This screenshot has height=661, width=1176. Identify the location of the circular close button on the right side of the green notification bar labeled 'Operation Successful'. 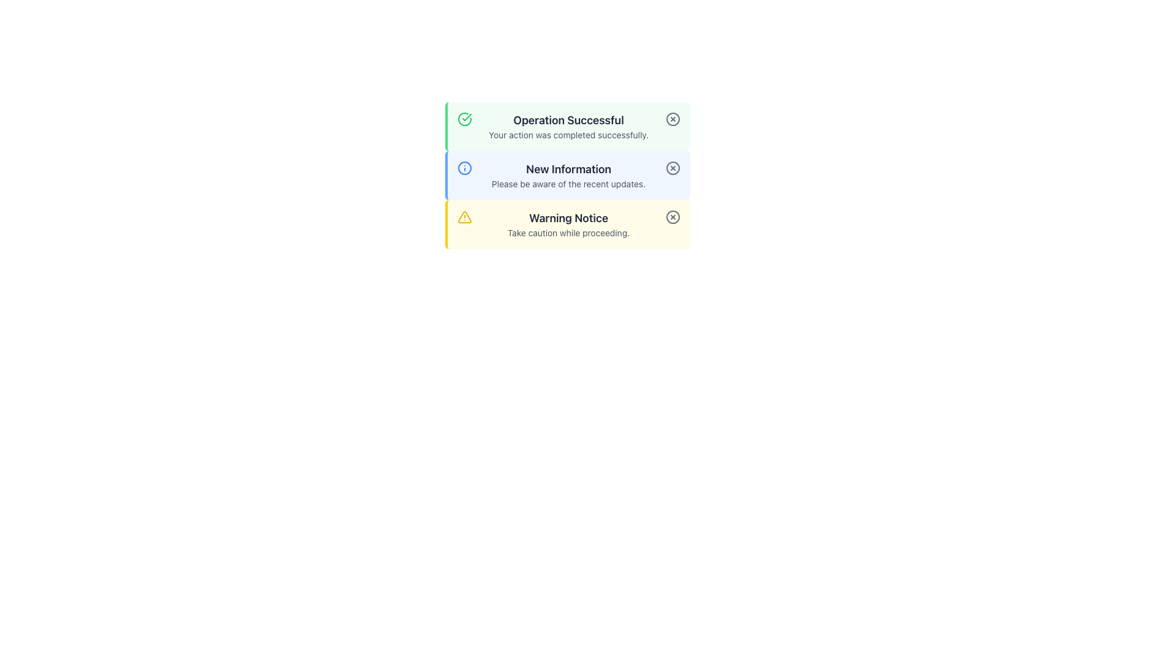
(672, 119).